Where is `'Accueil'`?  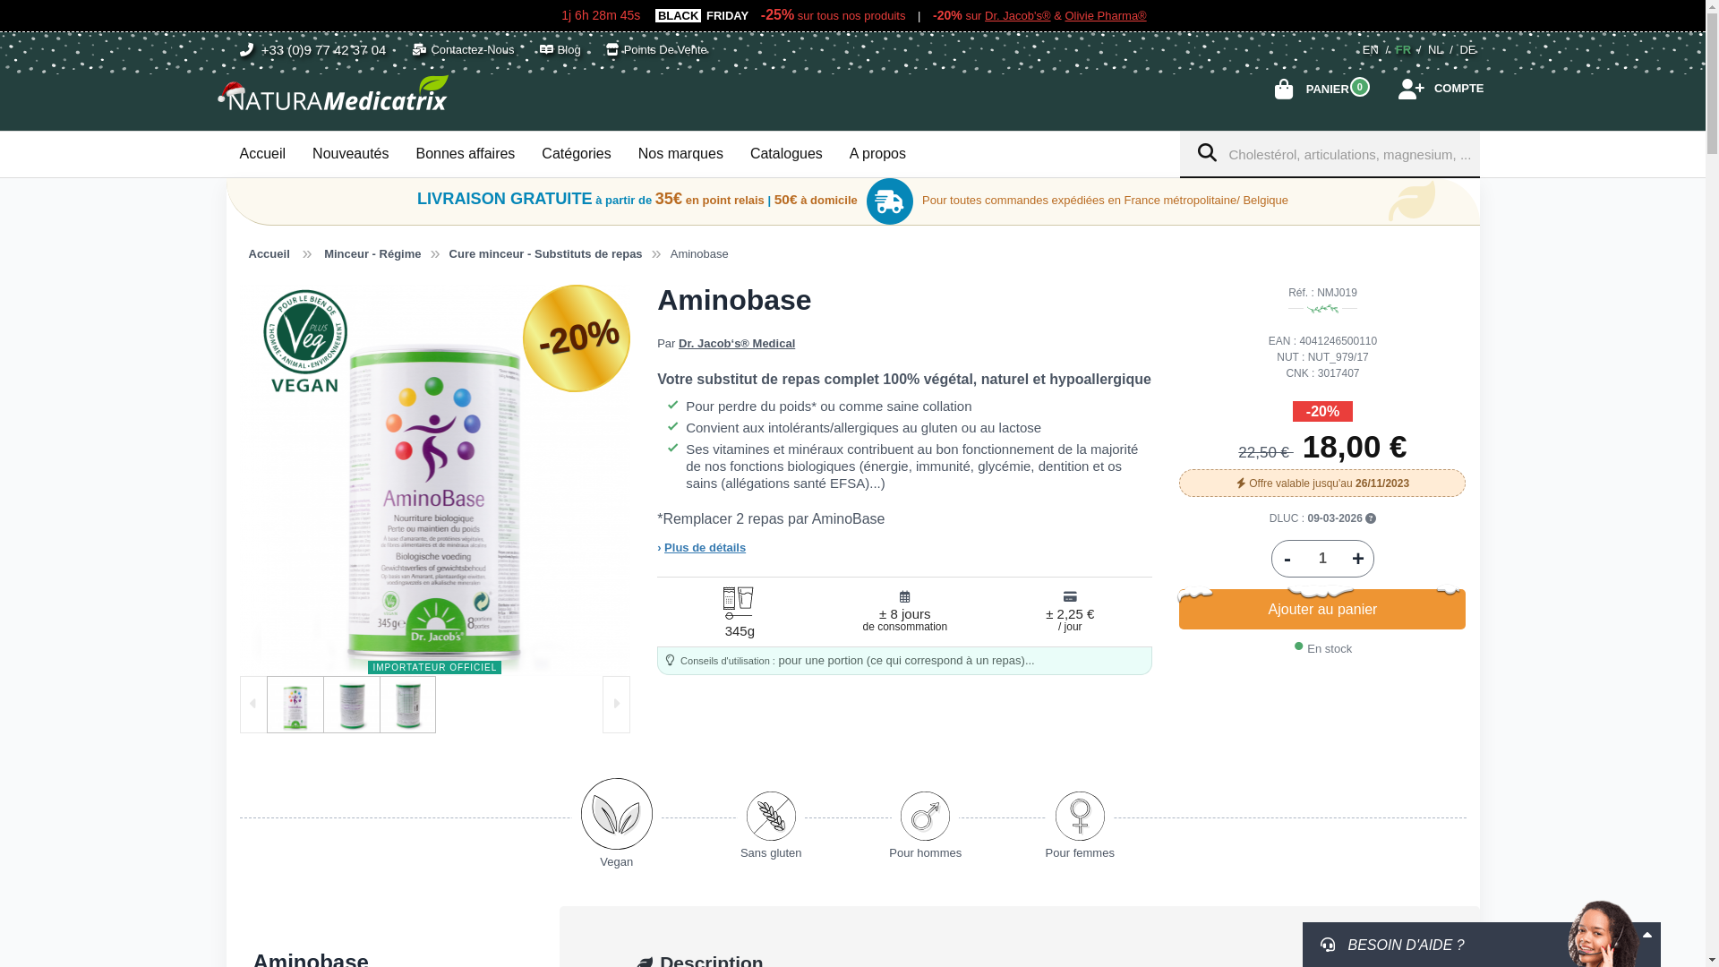
'Accueil' is located at coordinates (269, 253).